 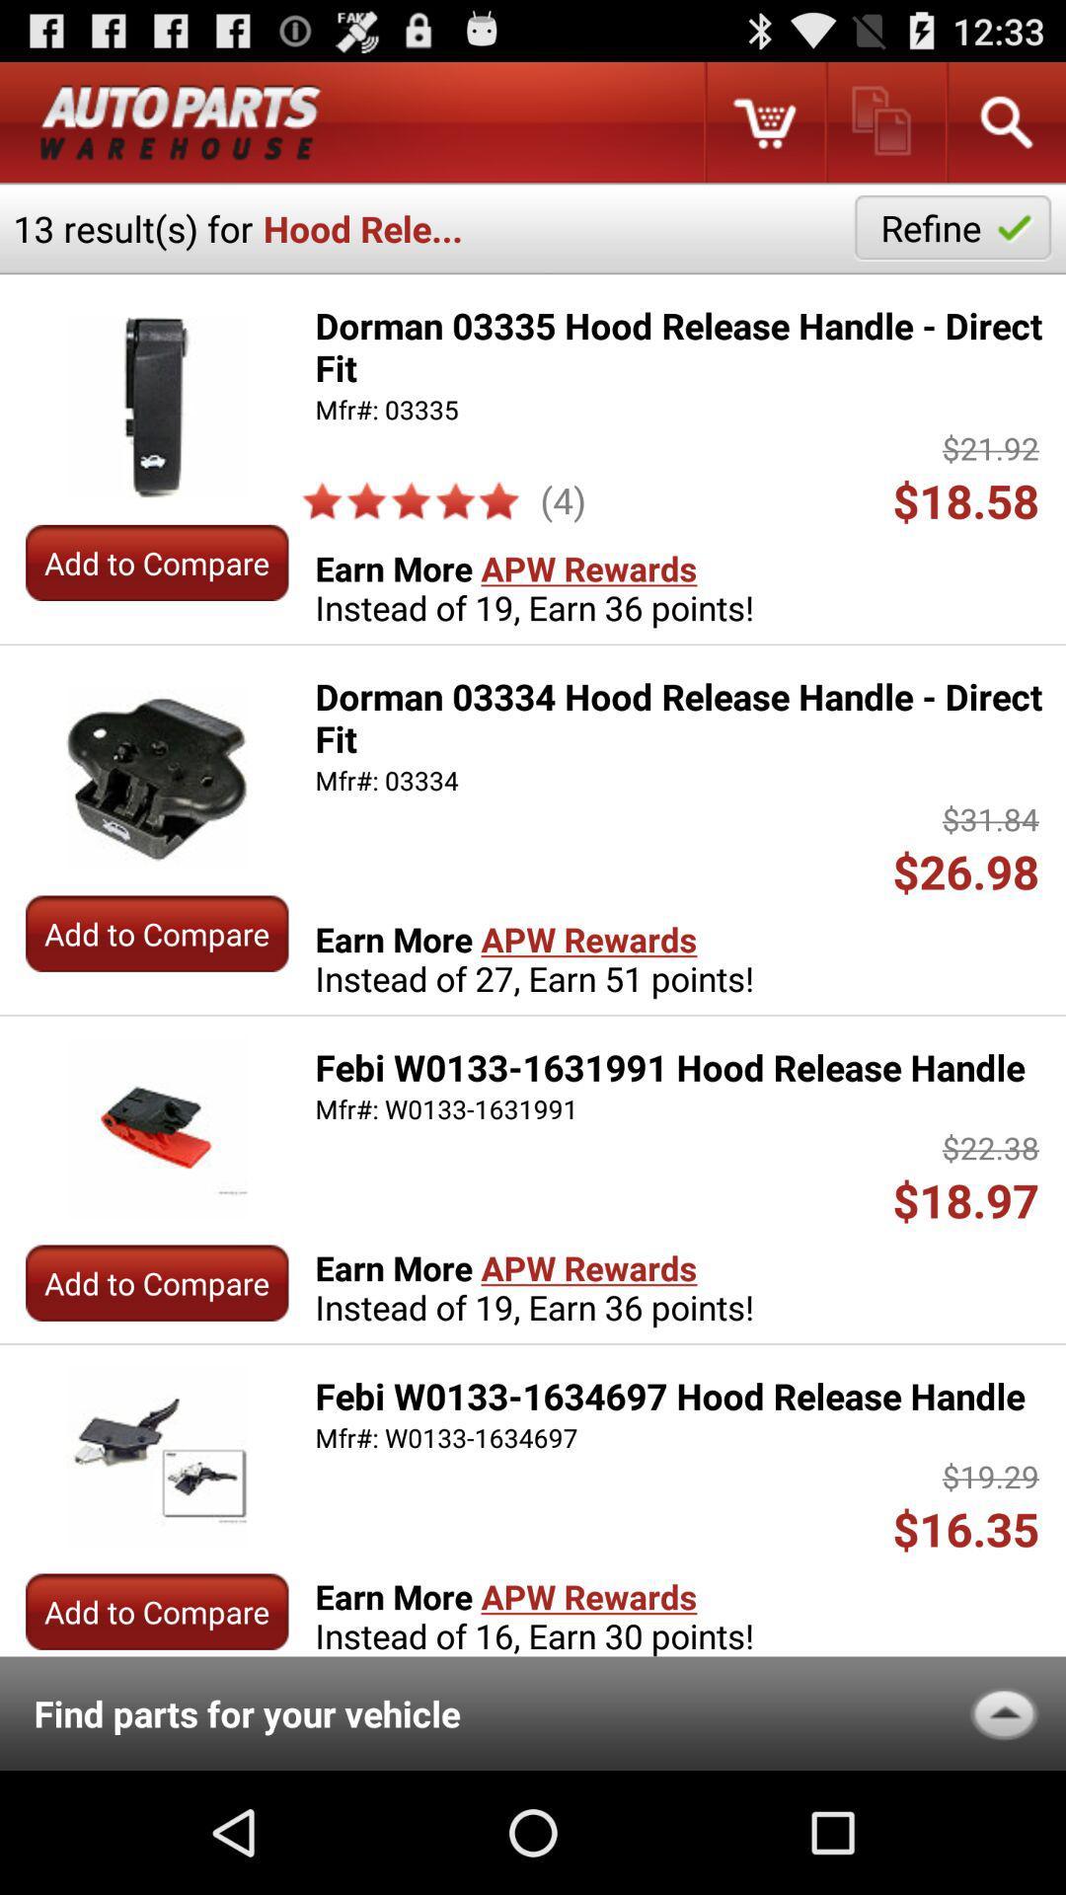 What do you see at coordinates (181, 121) in the screenshot?
I see `homepage` at bounding box center [181, 121].